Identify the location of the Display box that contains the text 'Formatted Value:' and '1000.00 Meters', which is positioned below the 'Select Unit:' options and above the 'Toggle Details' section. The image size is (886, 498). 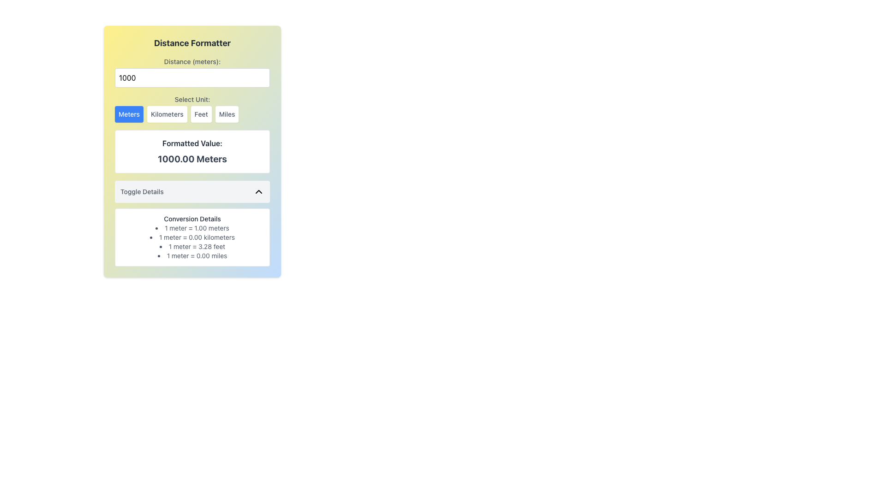
(192, 151).